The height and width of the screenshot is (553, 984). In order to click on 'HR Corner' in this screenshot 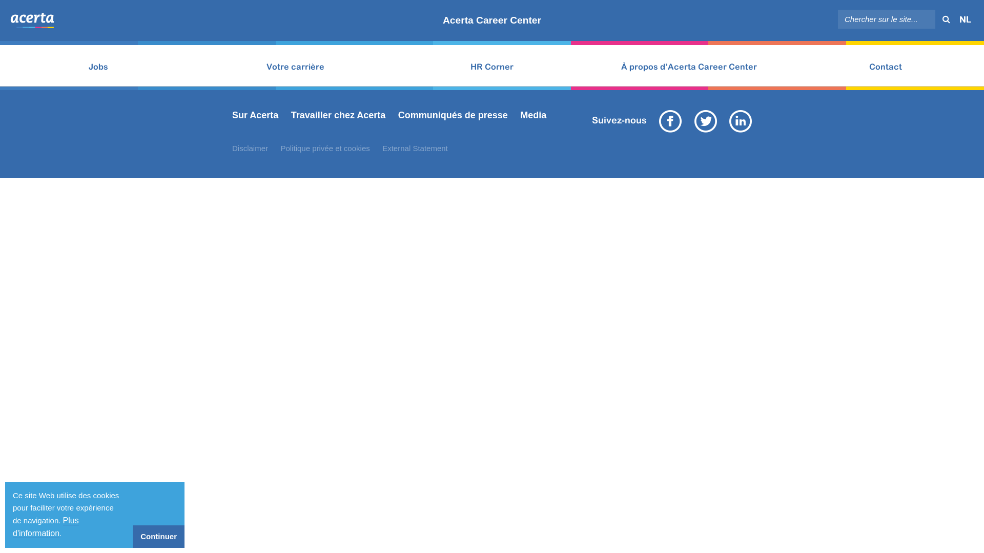, I will do `click(492, 65)`.